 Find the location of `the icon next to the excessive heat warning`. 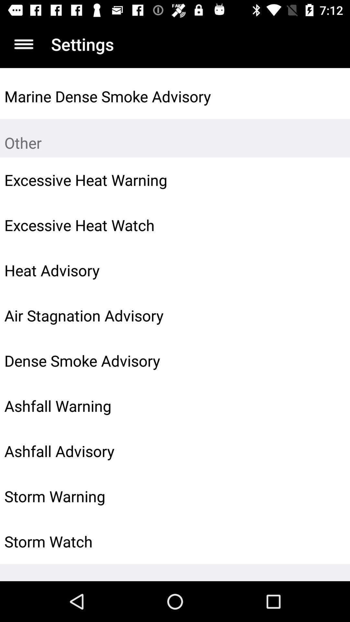

the icon next to the excessive heat warning is located at coordinates (330, 180).